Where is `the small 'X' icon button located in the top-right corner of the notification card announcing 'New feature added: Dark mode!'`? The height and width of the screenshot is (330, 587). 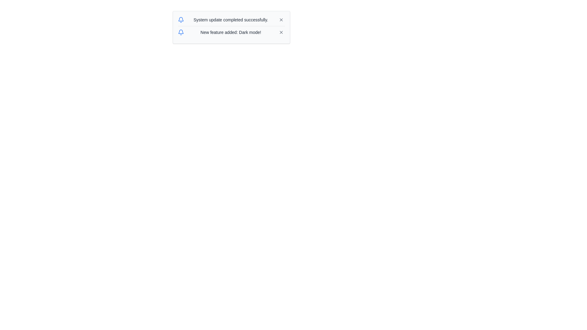
the small 'X' icon button located in the top-right corner of the notification card announcing 'New feature added: Dark mode!' is located at coordinates (281, 32).